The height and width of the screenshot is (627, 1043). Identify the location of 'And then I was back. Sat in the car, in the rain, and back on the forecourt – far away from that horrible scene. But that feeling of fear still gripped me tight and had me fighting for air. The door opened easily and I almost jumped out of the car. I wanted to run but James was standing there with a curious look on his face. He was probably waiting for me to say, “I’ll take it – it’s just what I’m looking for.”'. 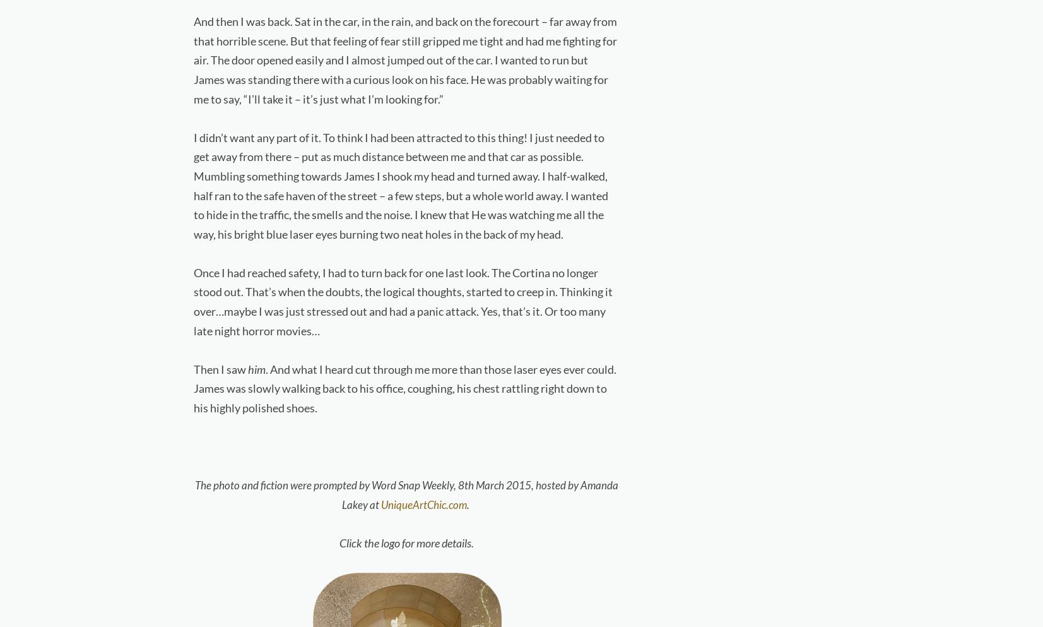
(404, 59).